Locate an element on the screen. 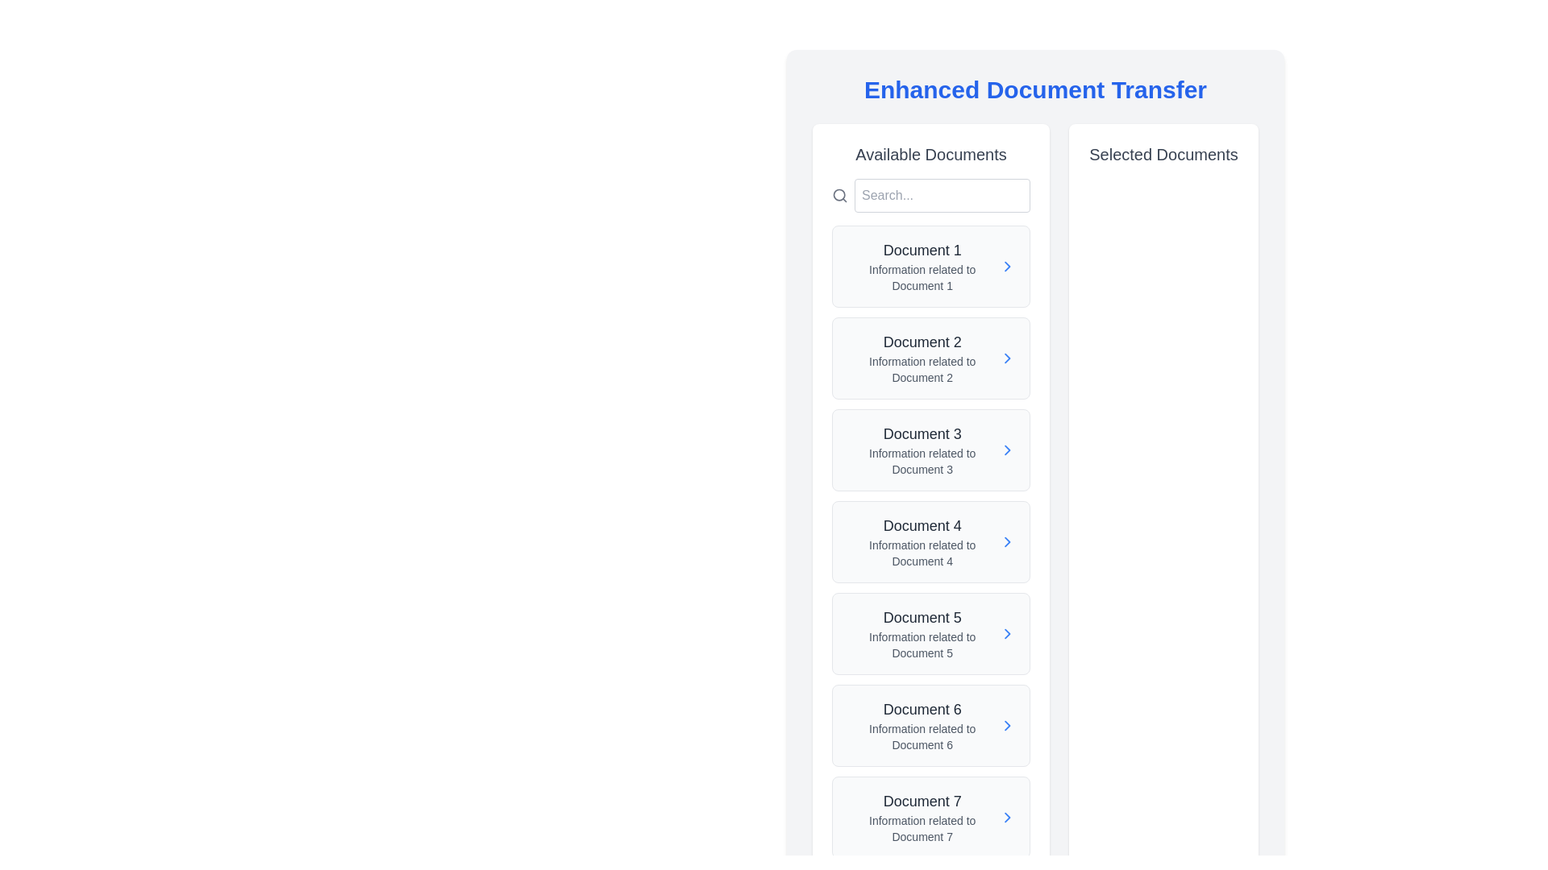  the right-pointing chevron button adjacent to 'Document 7' in the 'Available Documents' section to observe hover effects is located at coordinates (1007, 817).